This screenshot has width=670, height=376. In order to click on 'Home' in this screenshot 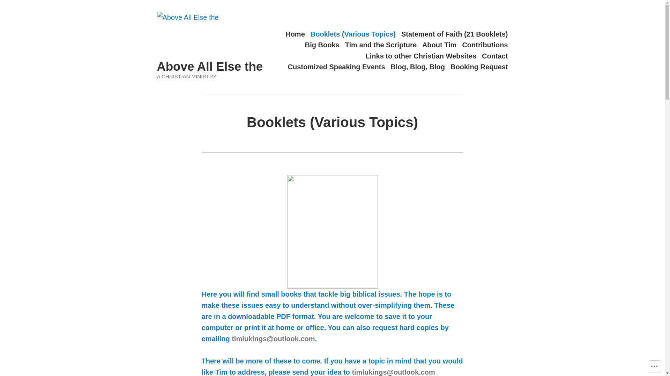, I will do `click(295, 34)`.